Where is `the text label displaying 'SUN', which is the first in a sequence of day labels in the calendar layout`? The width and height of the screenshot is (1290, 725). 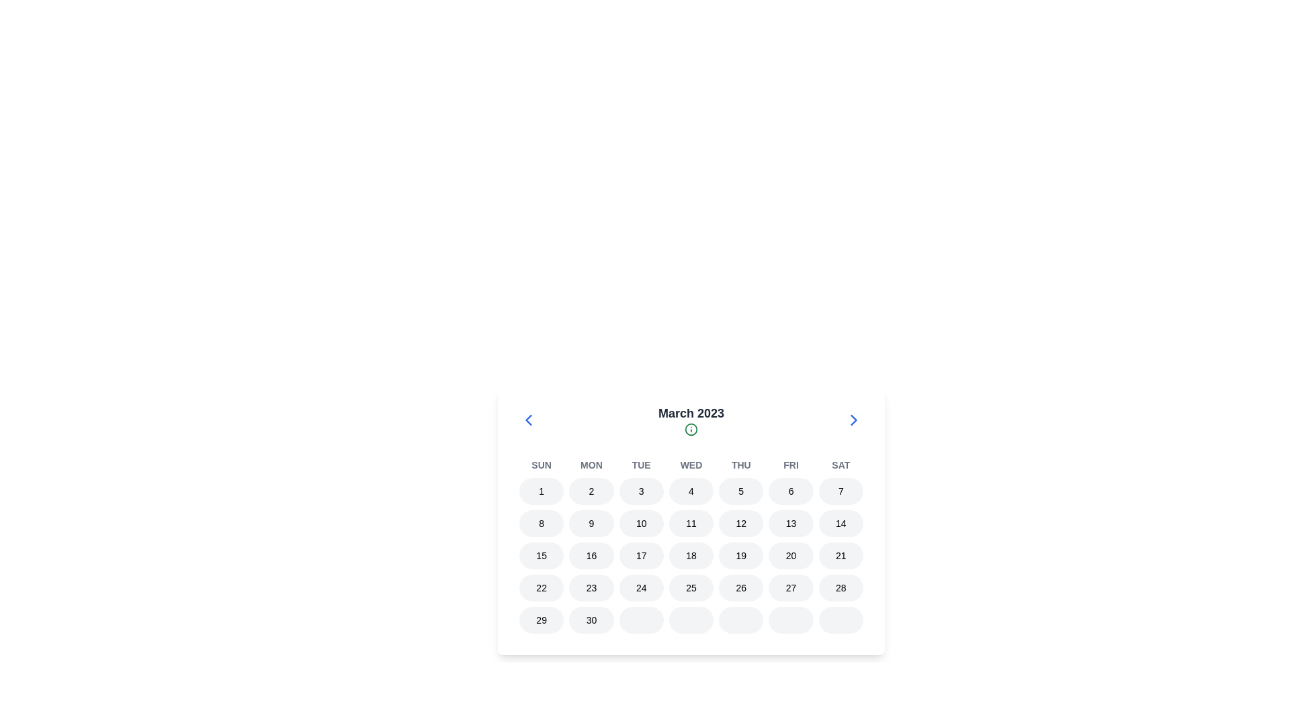 the text label displaying 'SUN', which is the first in a sequence of day labels in the calendar layout is located at coordinates (542, 465).